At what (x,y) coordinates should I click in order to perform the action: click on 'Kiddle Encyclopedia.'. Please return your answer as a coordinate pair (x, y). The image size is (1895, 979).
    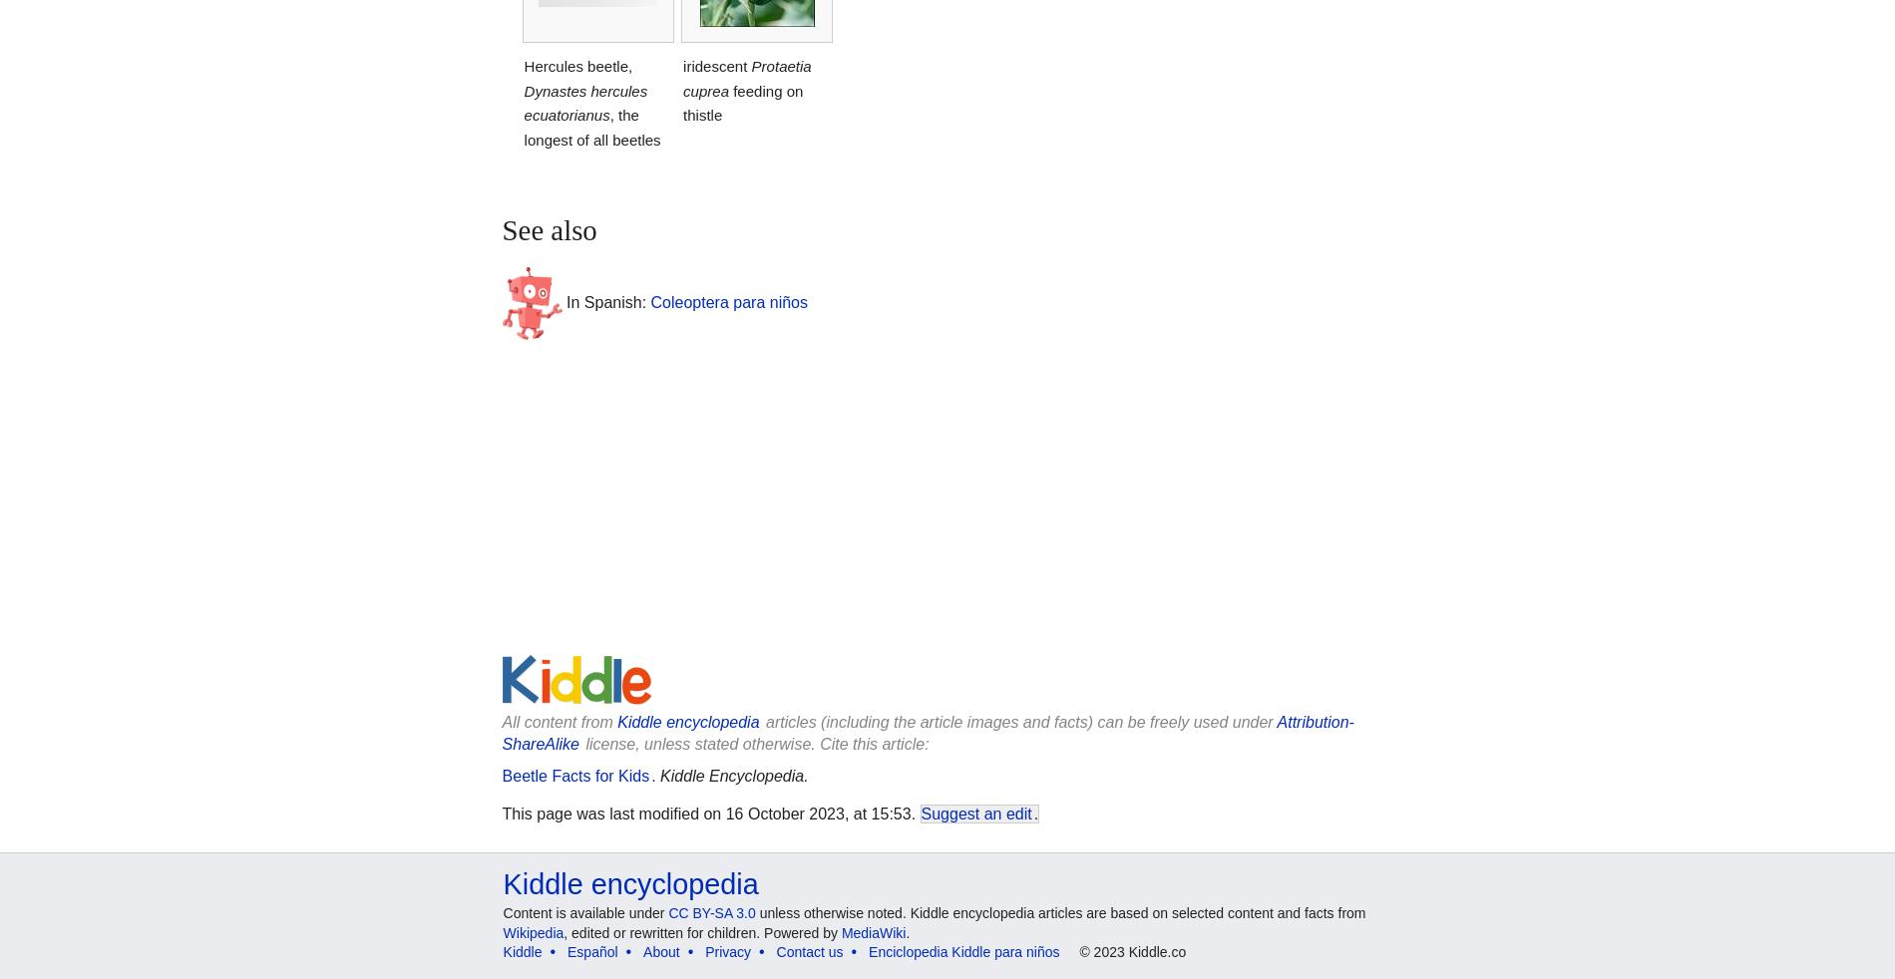
    Looking at the image, I should click on (659, 776).